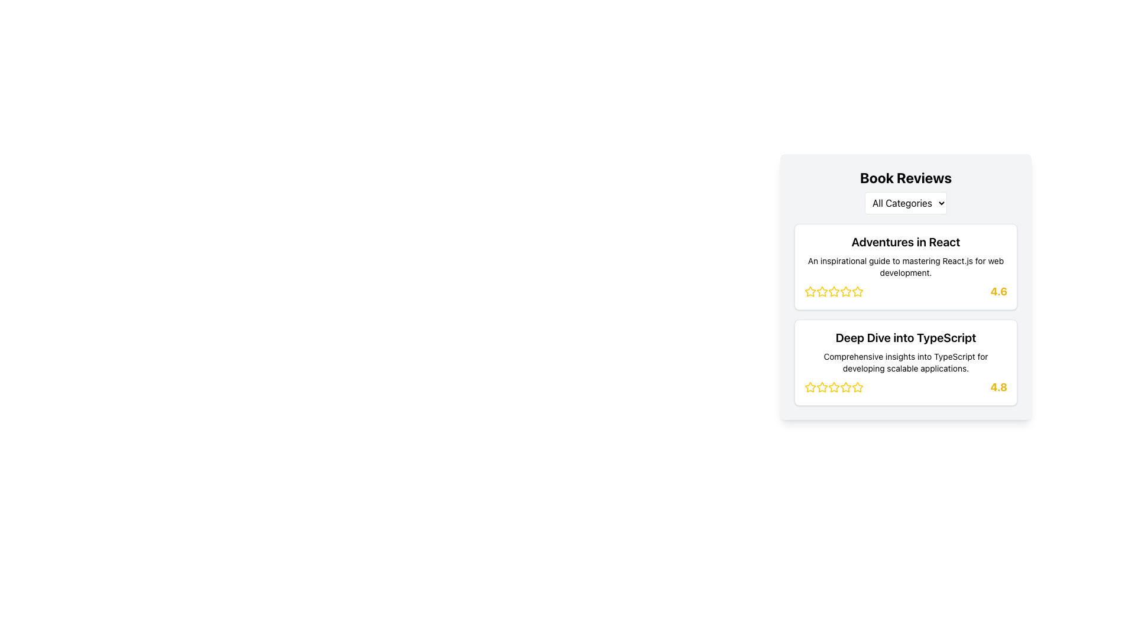 This screenshot has height=638, width=1135. What do you see at coordinates (905, 202) in the screenshot?
I see `the dropdown menu labeled 'All Categories' located below the 'Book Reviews' header` at bounding box center [905, 202].